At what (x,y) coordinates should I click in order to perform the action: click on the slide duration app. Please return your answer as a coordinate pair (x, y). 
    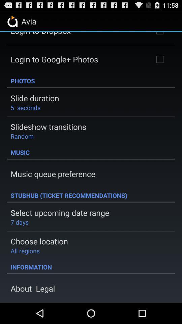
    Looking at the image, I should click on (35, 98).